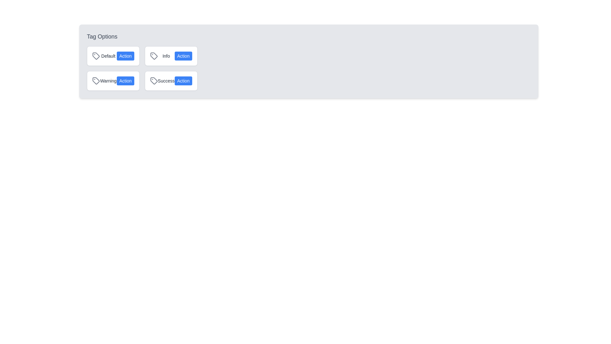 The image size is (611, 344). Describe the element at coordinates (171, 56) in the screenshot. I see `the 'Action' button in the top-right card labeled 'Info' which contains an icon and text` at that location.